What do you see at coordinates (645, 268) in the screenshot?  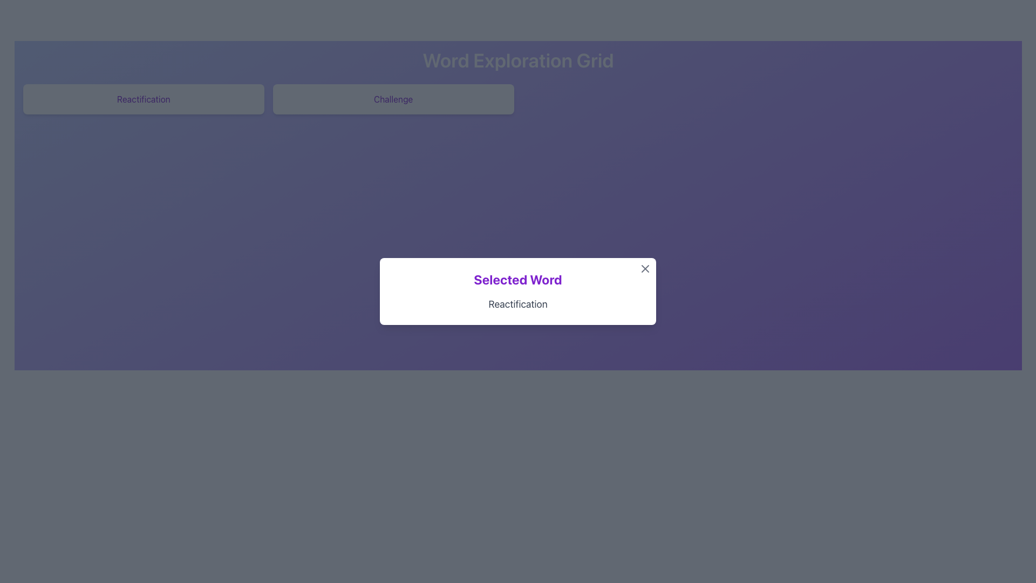 I see `the close ('X') icon located in the top-right corner of the 'Selected Word' popup dialog` at bounding box center [645, 268].